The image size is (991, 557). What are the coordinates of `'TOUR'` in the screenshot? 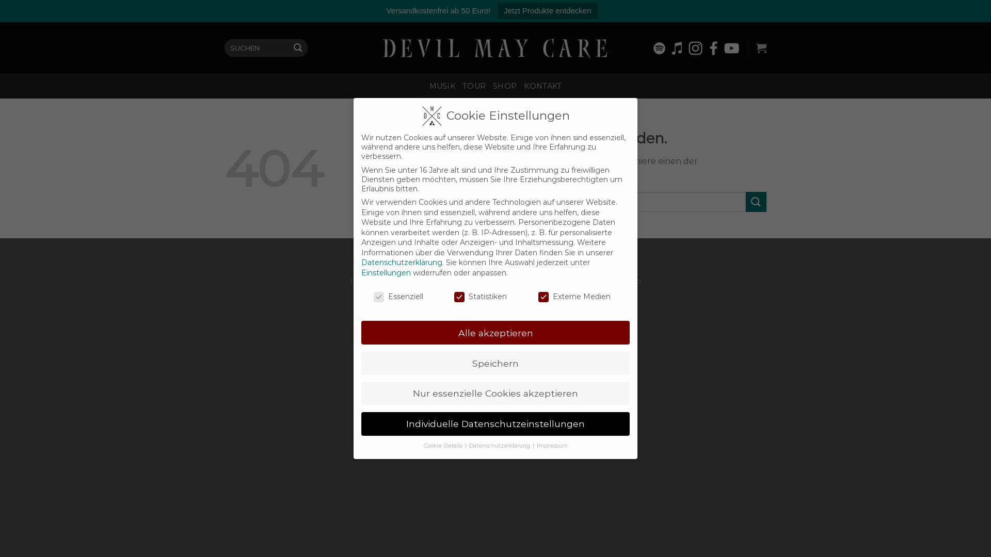 It's located at (473, 85).